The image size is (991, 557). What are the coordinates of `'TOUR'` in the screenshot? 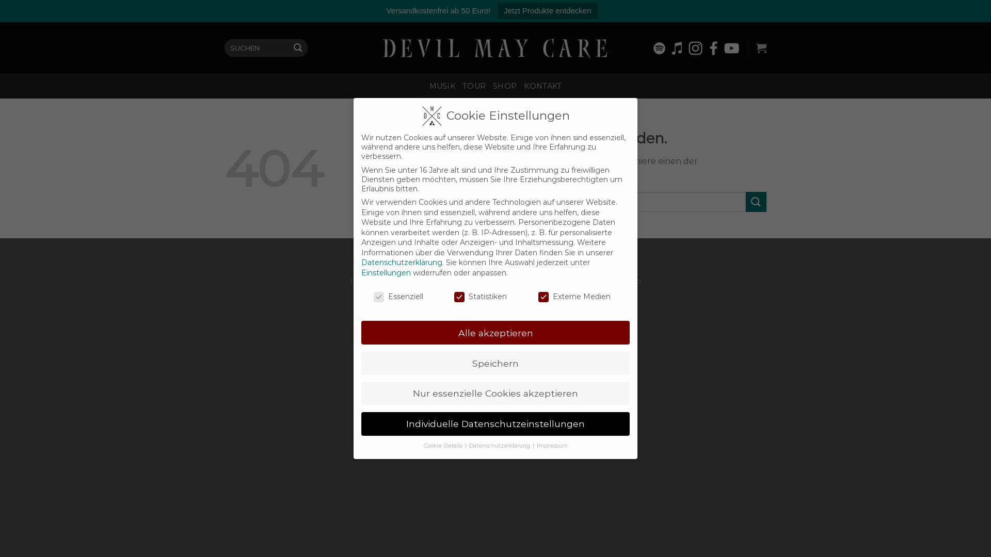 It's located at (473, 85).